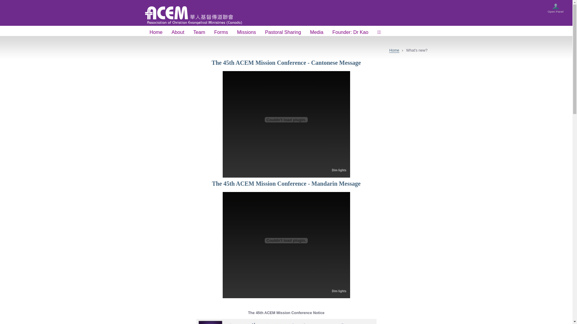 This screenshot has height=324, width=577. I want to click on 'Missions', so click(232, 32).